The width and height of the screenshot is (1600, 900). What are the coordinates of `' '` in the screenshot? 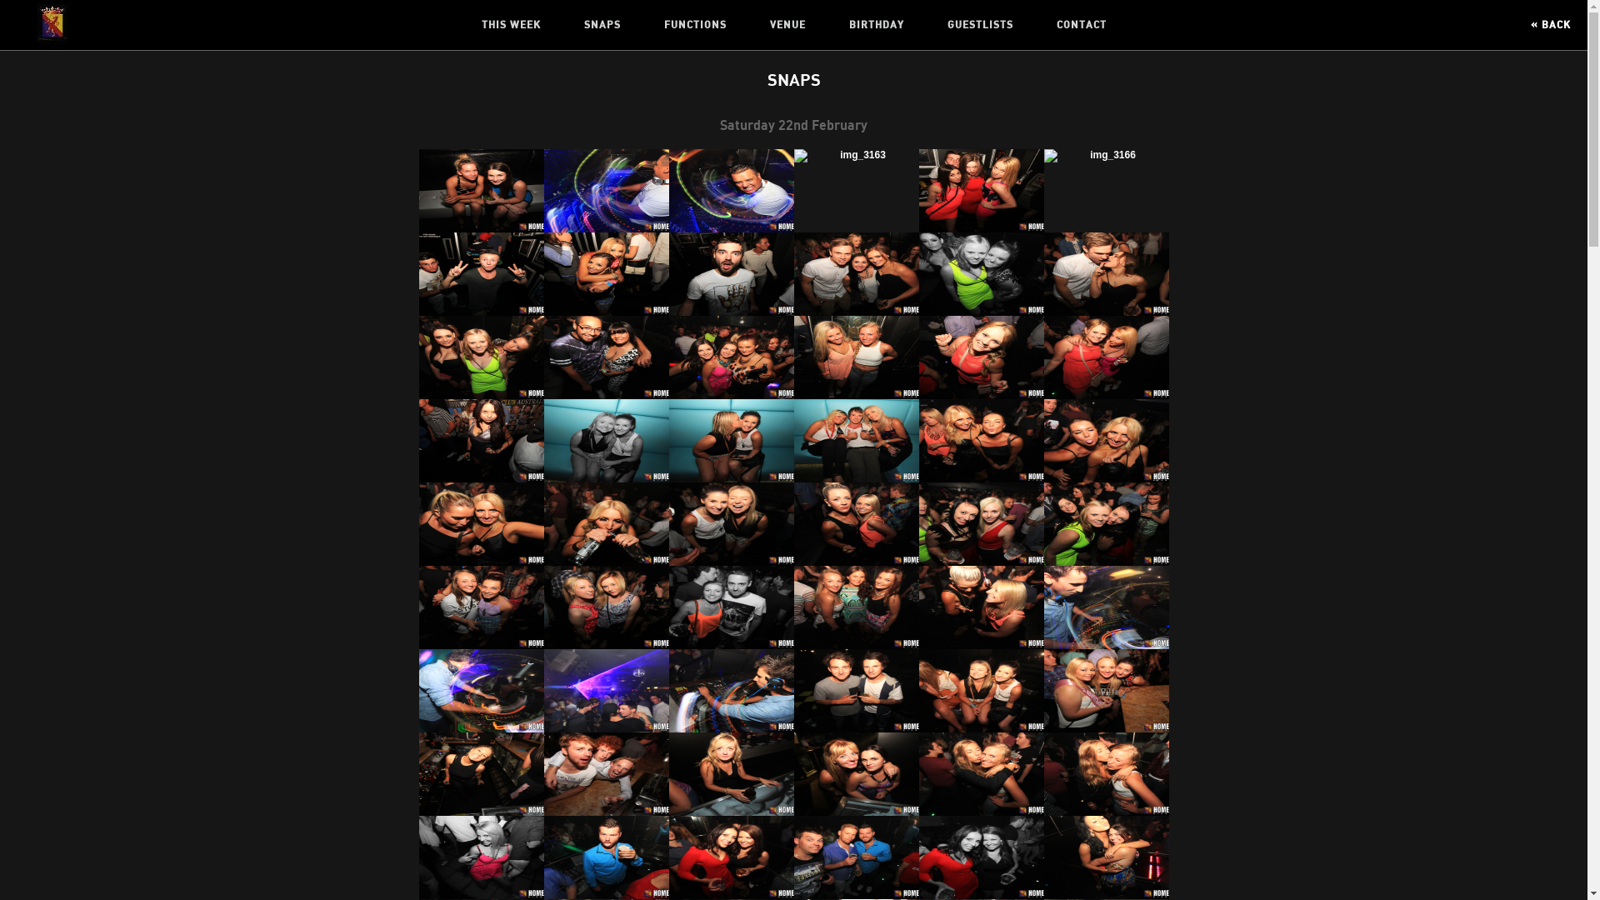 It's located at (731, 774).